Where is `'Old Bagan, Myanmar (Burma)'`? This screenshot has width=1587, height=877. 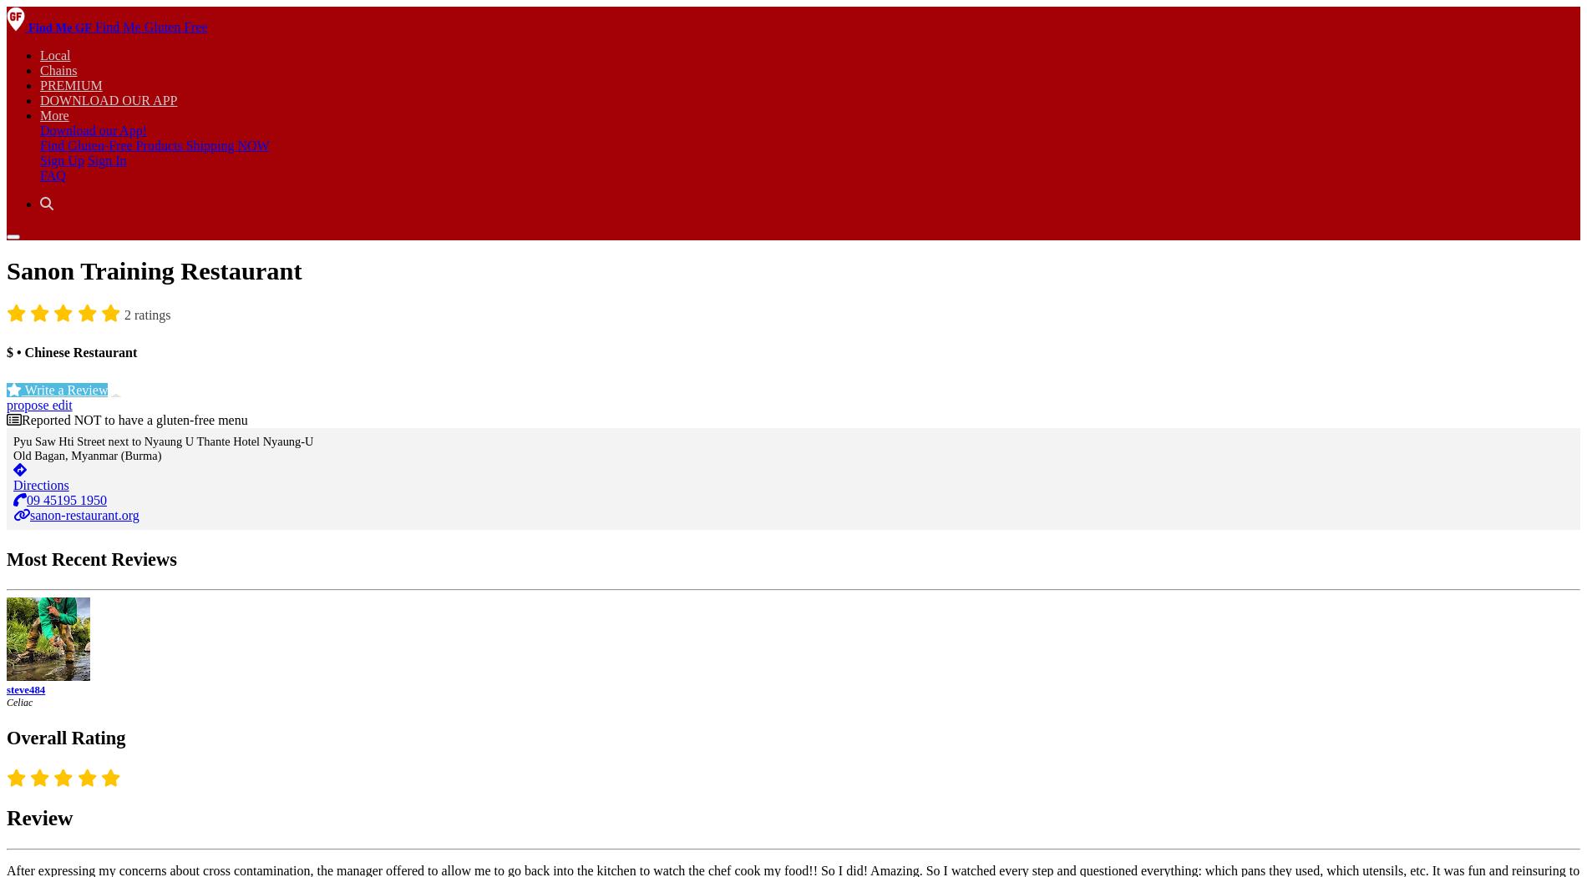
'Old Bagan, Myanmar (Burma)' is located at coordinates (87, 454).